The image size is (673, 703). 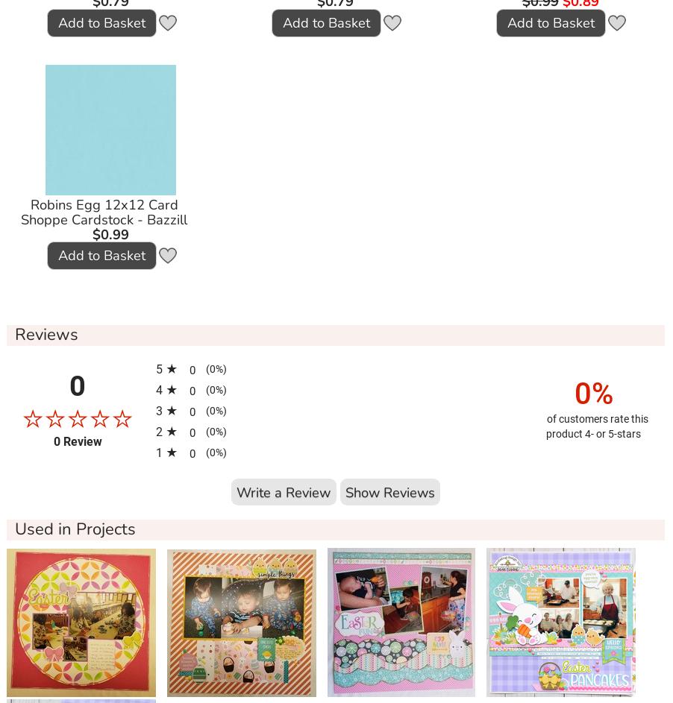 What do you see at coordinates (19, 211) in the screenshot?
I see `'Robins Egg 12x12 Card Shoppe Cardstock - Bazzill'` at bounding box center [19, 211].